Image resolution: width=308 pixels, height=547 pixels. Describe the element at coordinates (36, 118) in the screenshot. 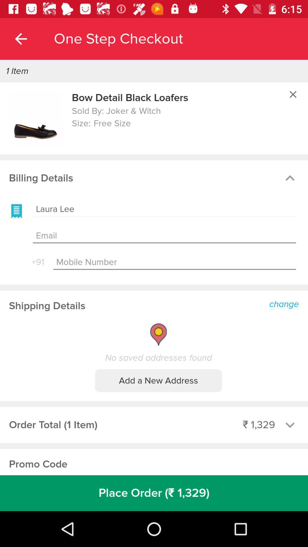

I see `icon to the left of bow detail black item` at that location.